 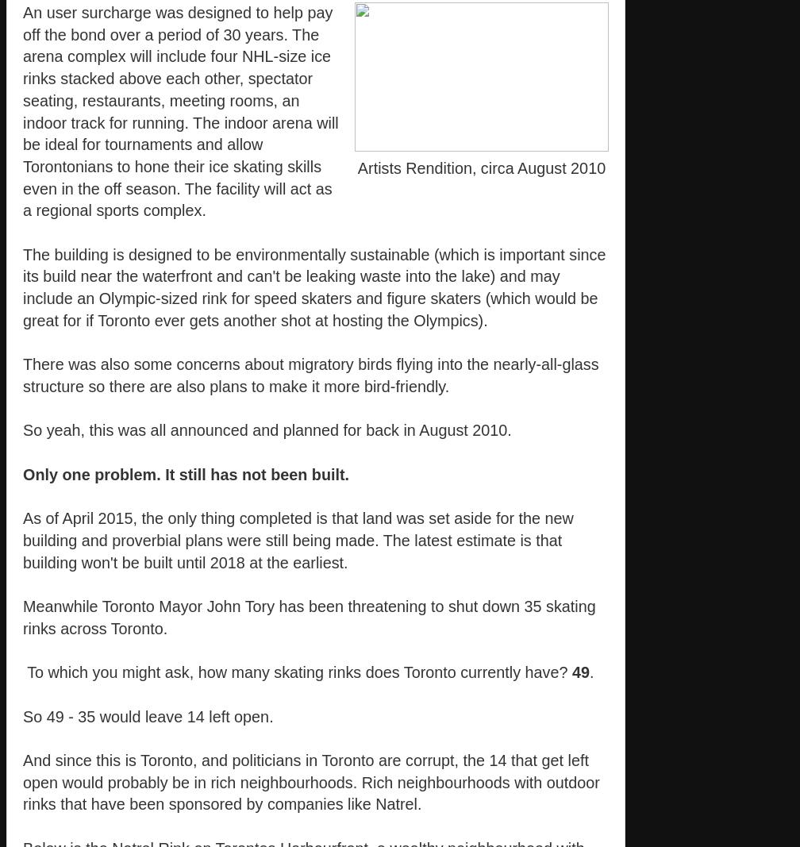 I want to click on 'So yeah, this was all announced and planned for back in August 2010.', so click(x=267, y=430).